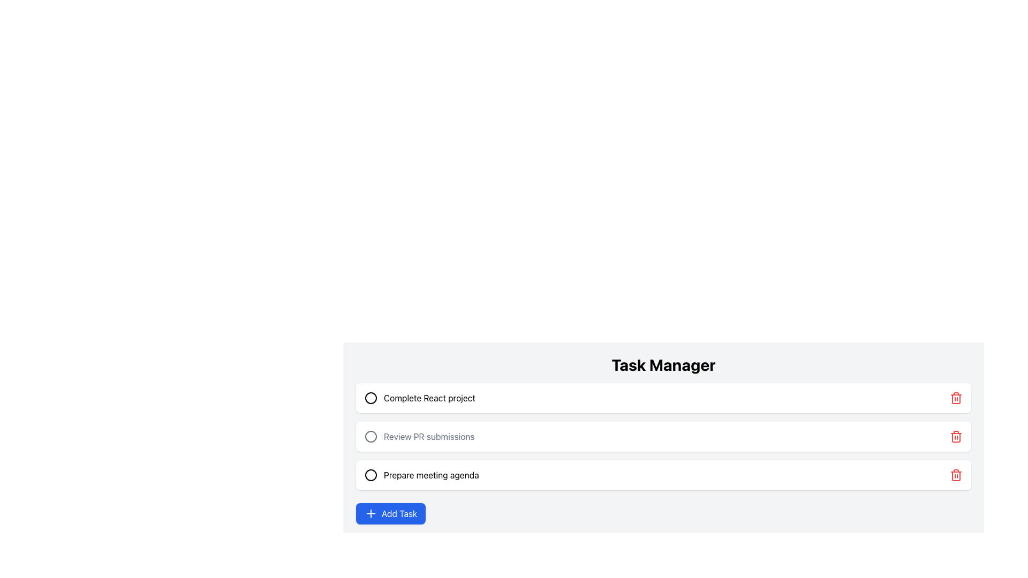  I want to click on the second task item in the vertically stacked list, which contains an unselected circular checkbox and the text 'Review PR submissions' with a line-through effect, to focus on it, so click(419, 437).